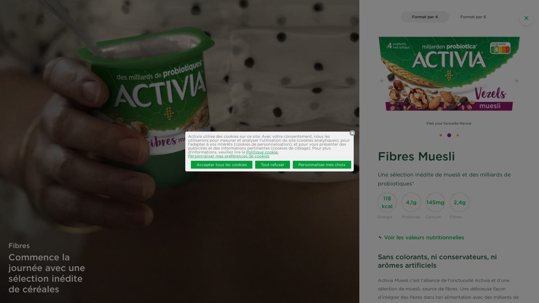 This screenshot has width=539, height=303. Describe the element at coordinates (272, 164) in the screenshot. I see `'Tout refuser'` at that location.